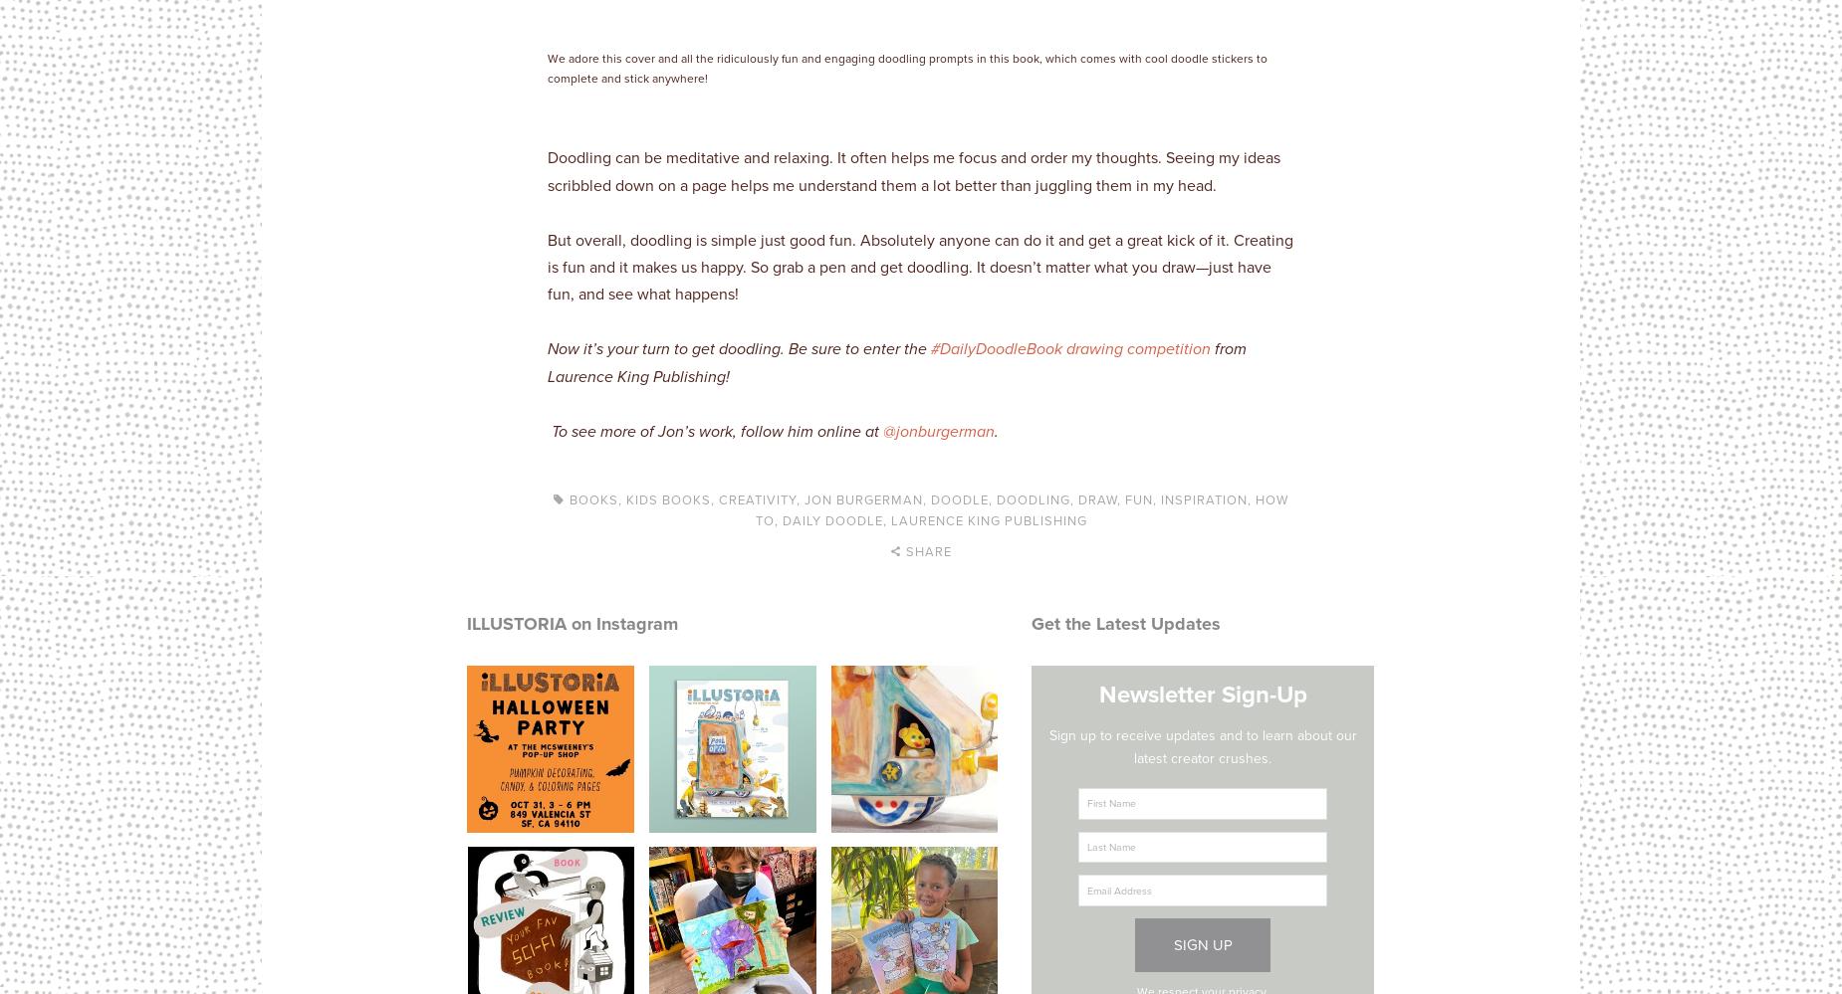 This screenshot has width=1842, height=994. I want to click on 'CREATIVITY', so click(758, 497).